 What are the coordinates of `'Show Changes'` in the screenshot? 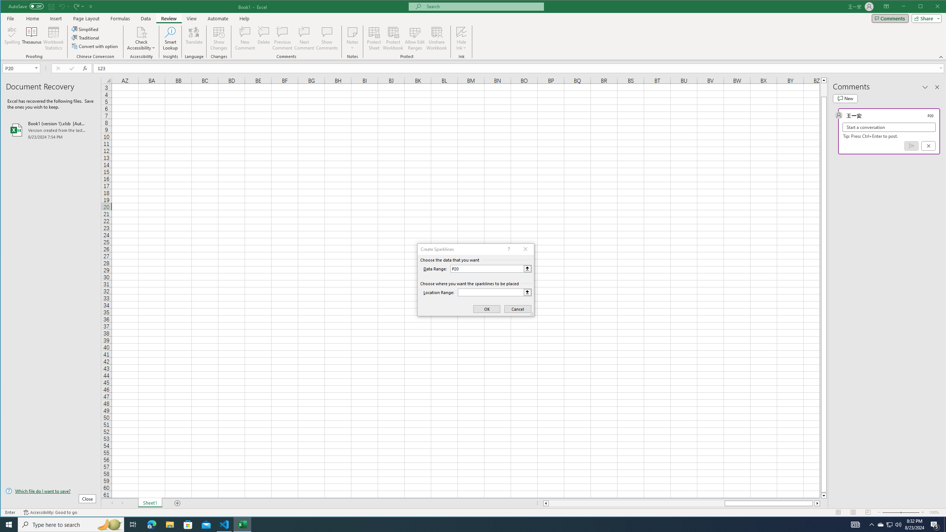 It's located at (218, 38).